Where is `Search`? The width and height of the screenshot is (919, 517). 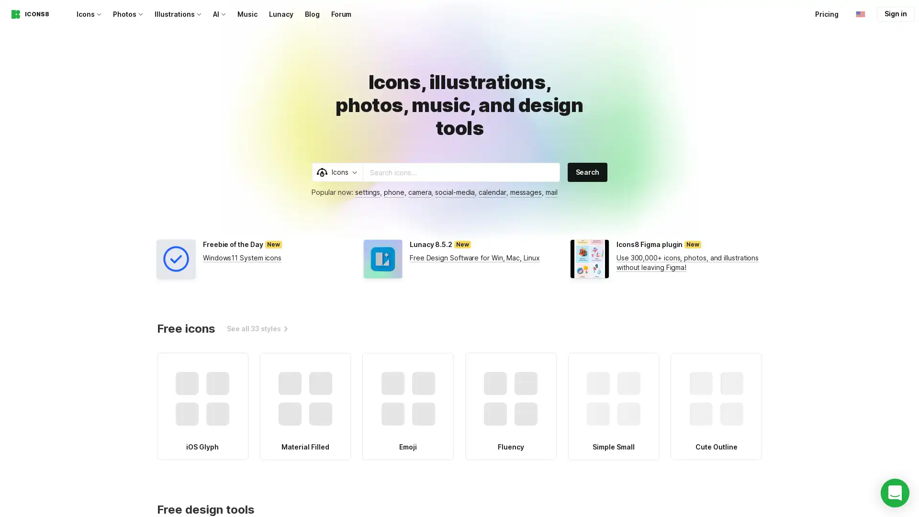
Search is located at coordinates (587, 171).